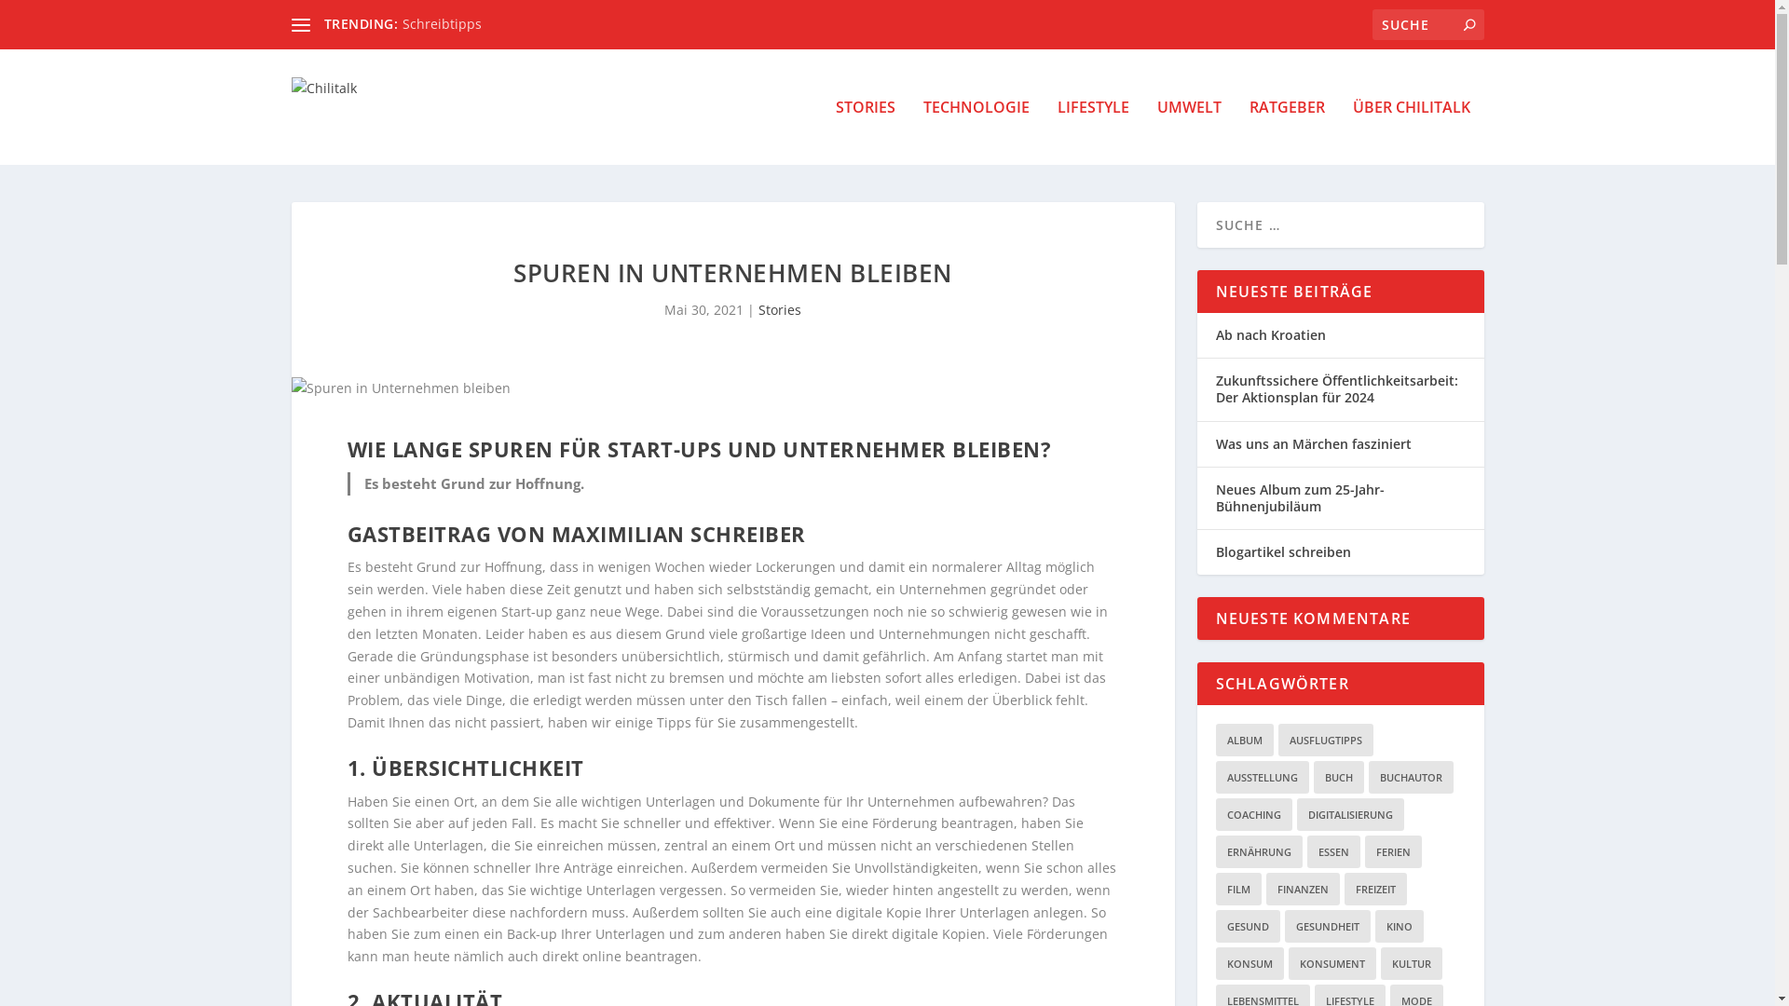  I want to click on 'AUSSTELLUNG', so click(1261, 777).